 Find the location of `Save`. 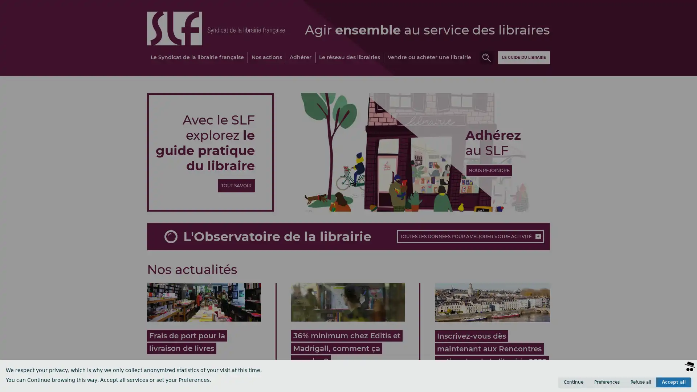

Save is located at coordinates (679, 384).